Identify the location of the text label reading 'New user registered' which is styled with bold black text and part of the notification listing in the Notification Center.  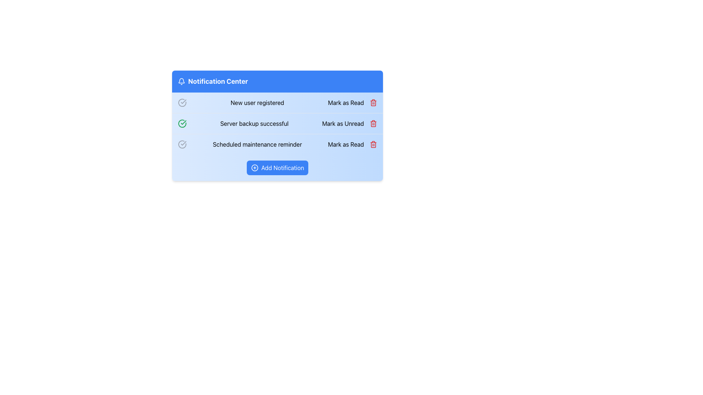
(257, 103).